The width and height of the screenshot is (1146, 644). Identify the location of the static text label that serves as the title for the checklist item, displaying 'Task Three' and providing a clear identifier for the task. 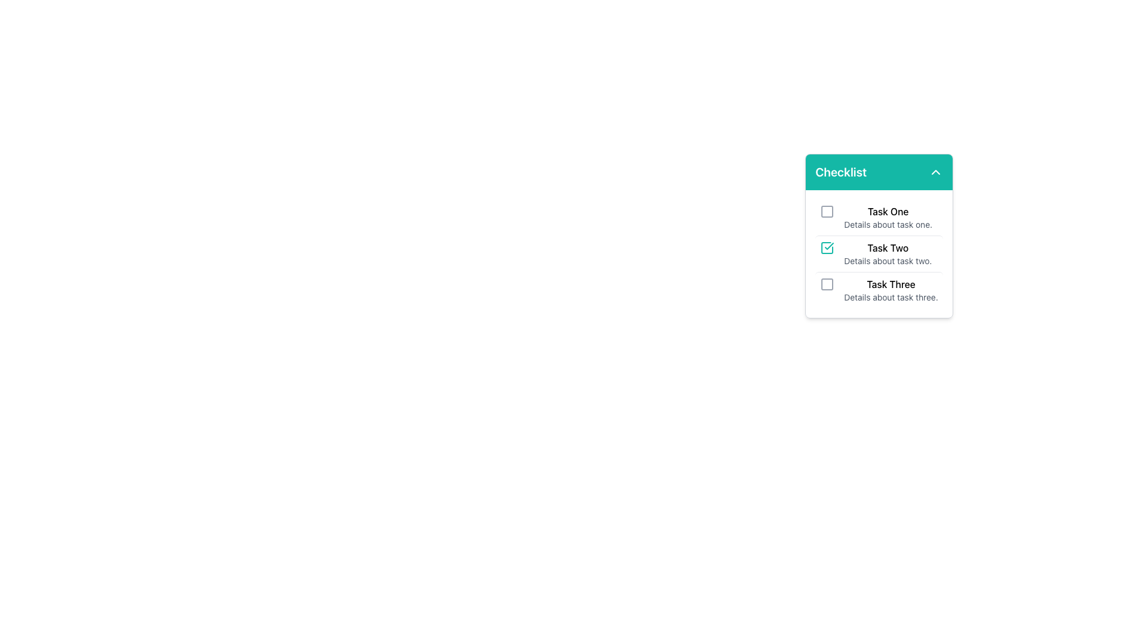
(891, 284).